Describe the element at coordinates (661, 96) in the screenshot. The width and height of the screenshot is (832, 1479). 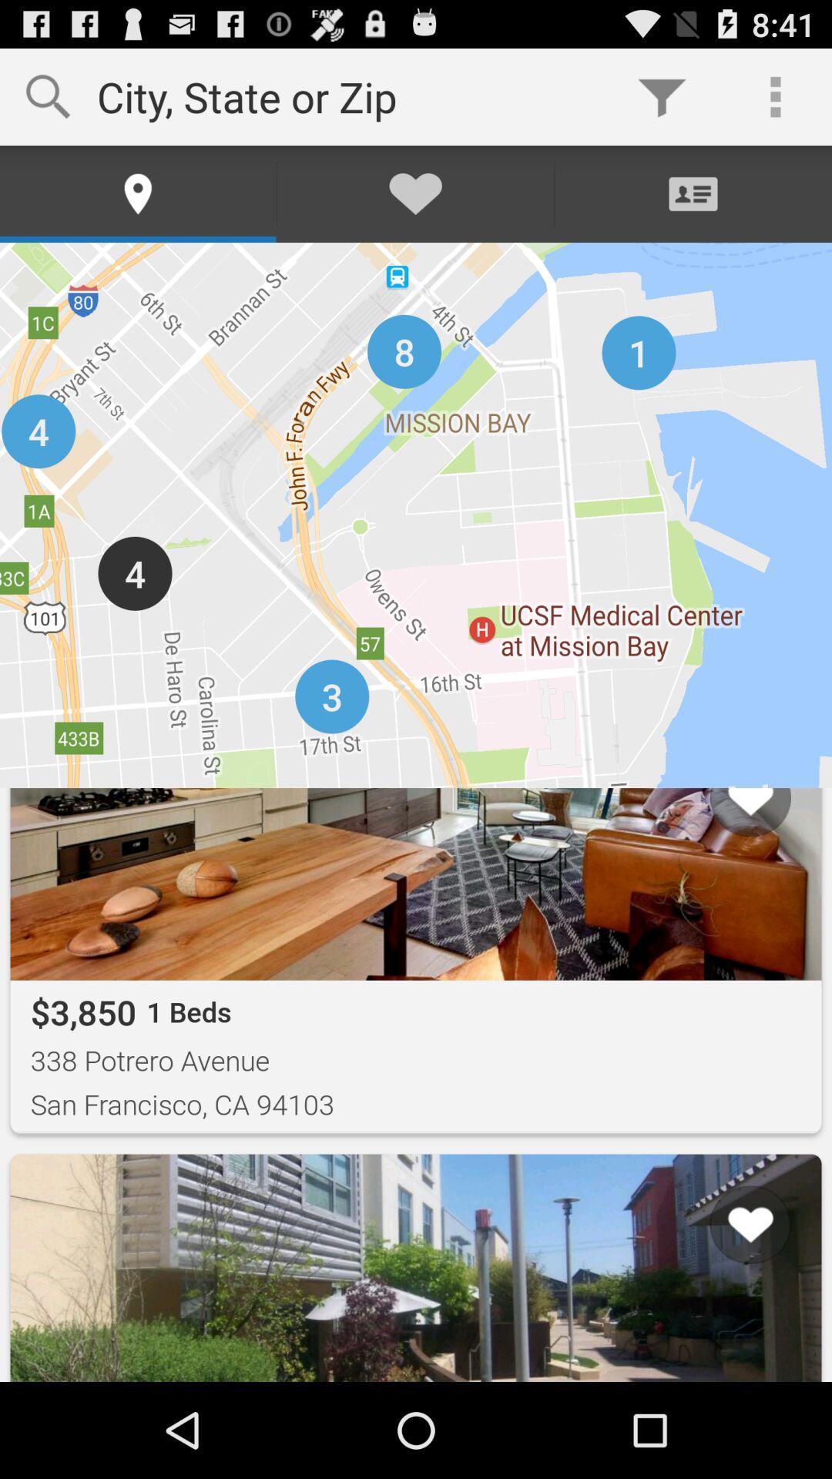
I see `the app to the right of city state or icon` at that location.